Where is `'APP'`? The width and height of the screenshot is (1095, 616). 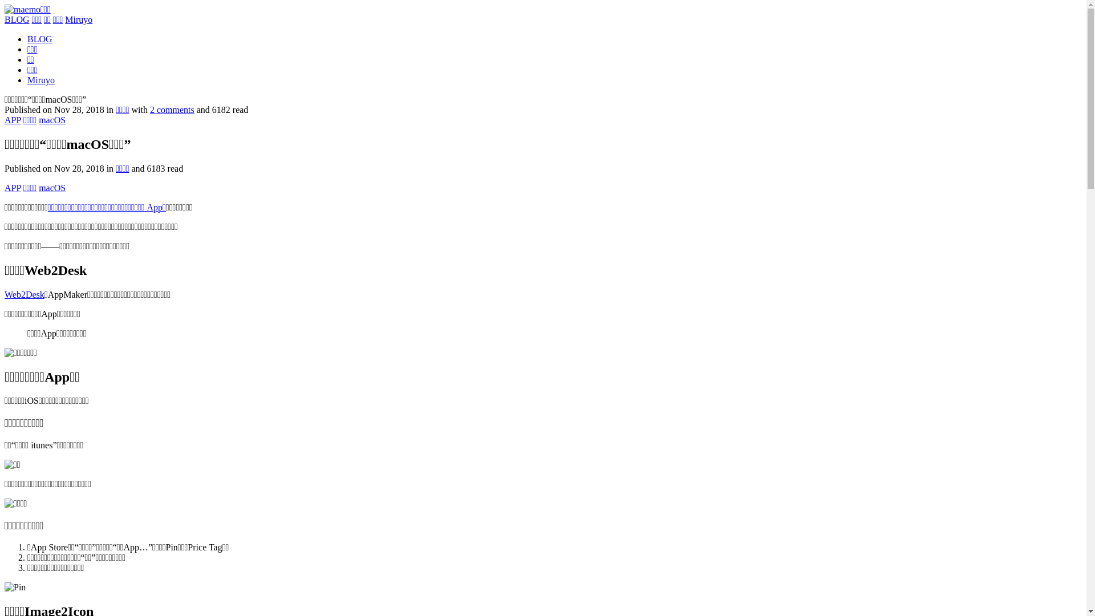 'APP' is located at coordinates (13, 120).